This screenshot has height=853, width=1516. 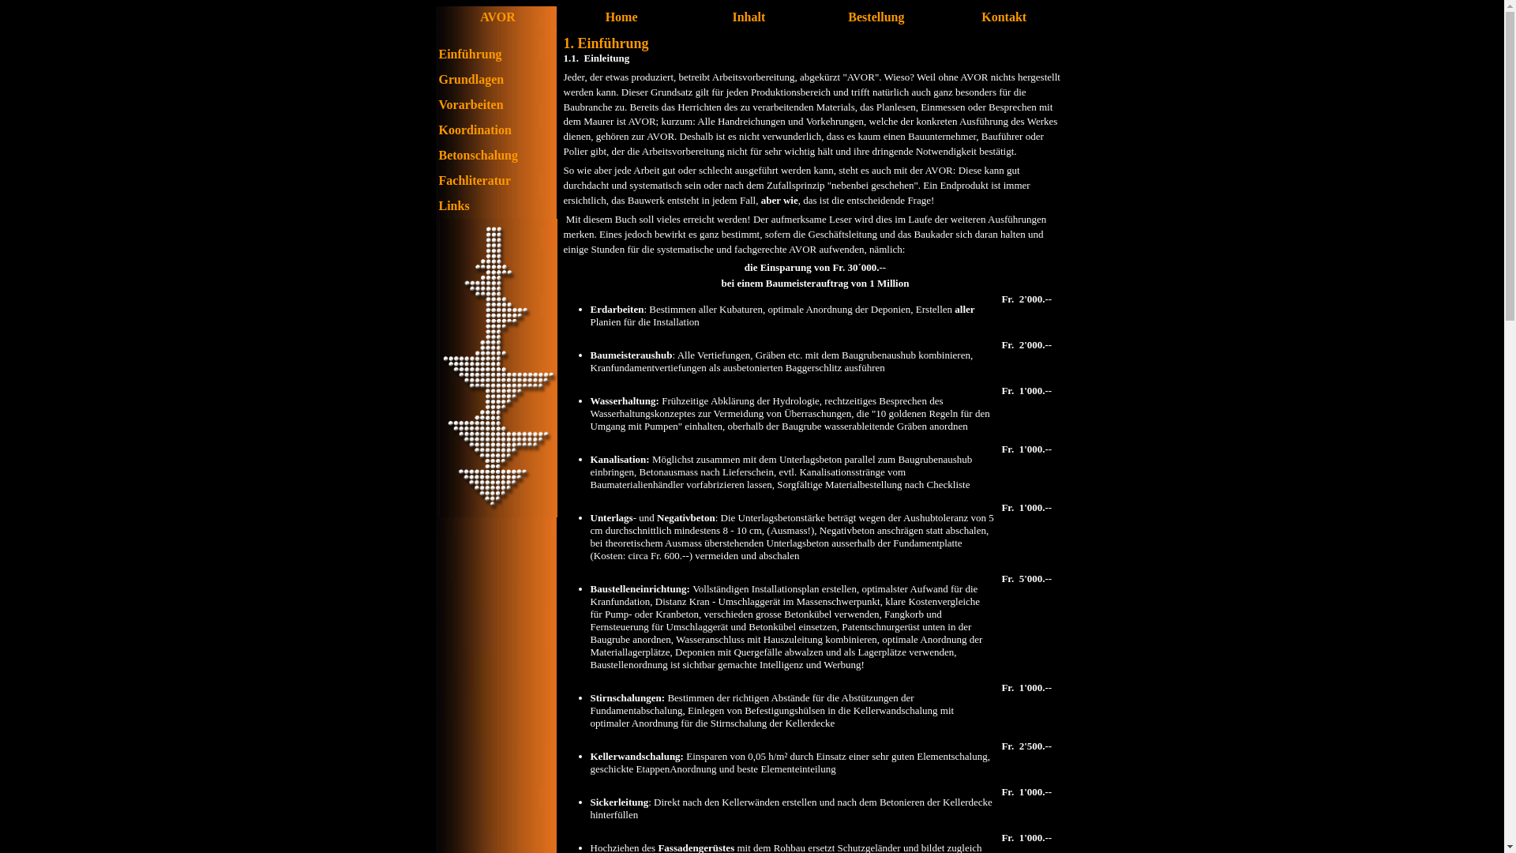 I want to click on 'Vorarbeiten', so click(x=470, y=104).